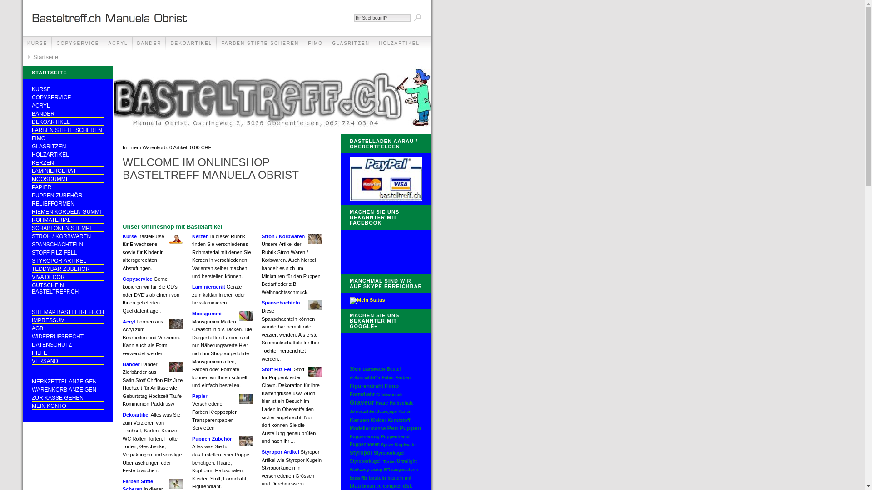 The height and width of the screenshot is (490, 872). Describe the element at coordinates (327, 44) in the screenshot. I see `'GLASRITZEN'` at that location.